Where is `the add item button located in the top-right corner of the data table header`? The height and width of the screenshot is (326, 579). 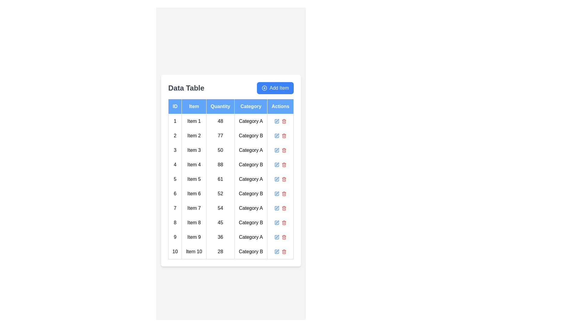 the add item button located in the top-right corner of the data table header is located at coordinates (275, 88).